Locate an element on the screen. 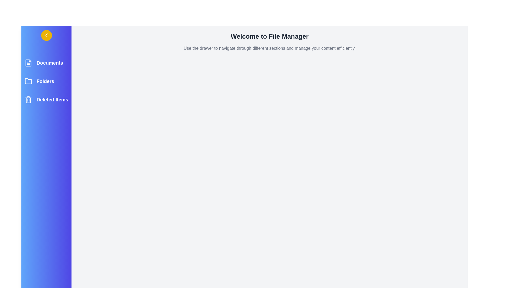 This screenshot has width=520, height=292. the Deleted Items section to highlight it is located at coordinates (46, 100).